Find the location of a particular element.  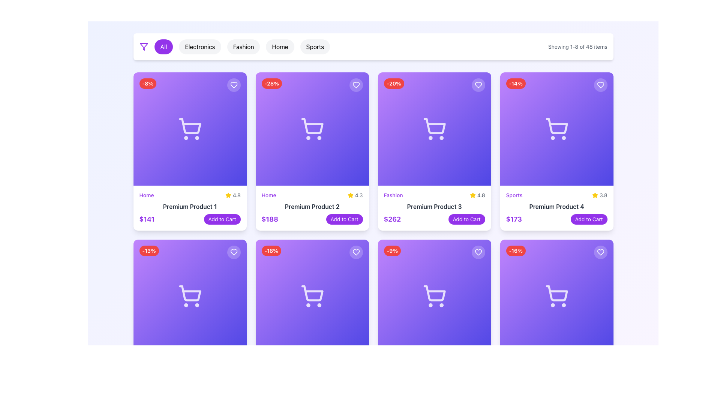

the shopping cart icon located in the center of the gradient background square of the 'Premium Product 3' card is located at coordinates (434, 128).